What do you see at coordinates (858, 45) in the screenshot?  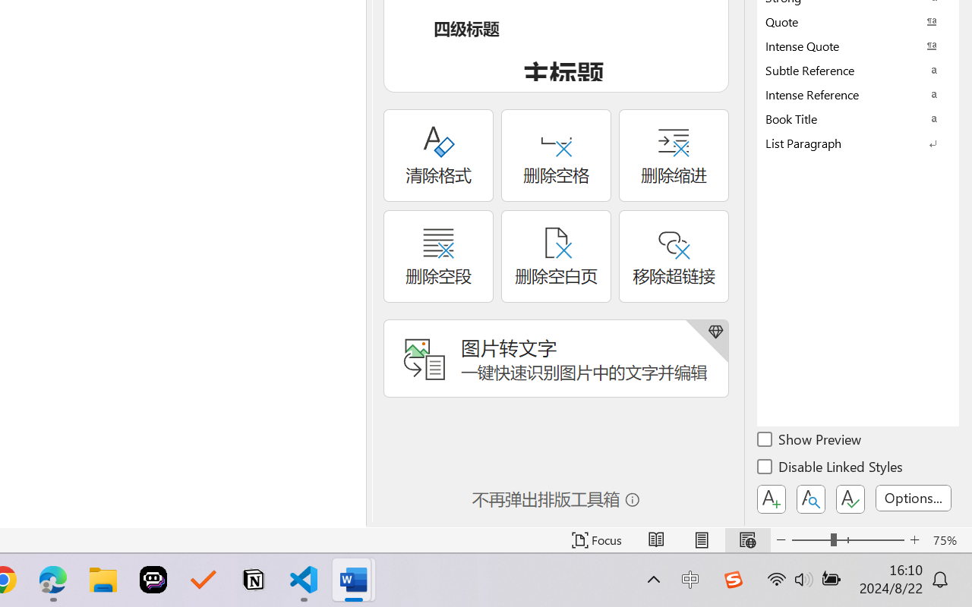 I see `'Intense Quote'` at bounding box center [858, 45].